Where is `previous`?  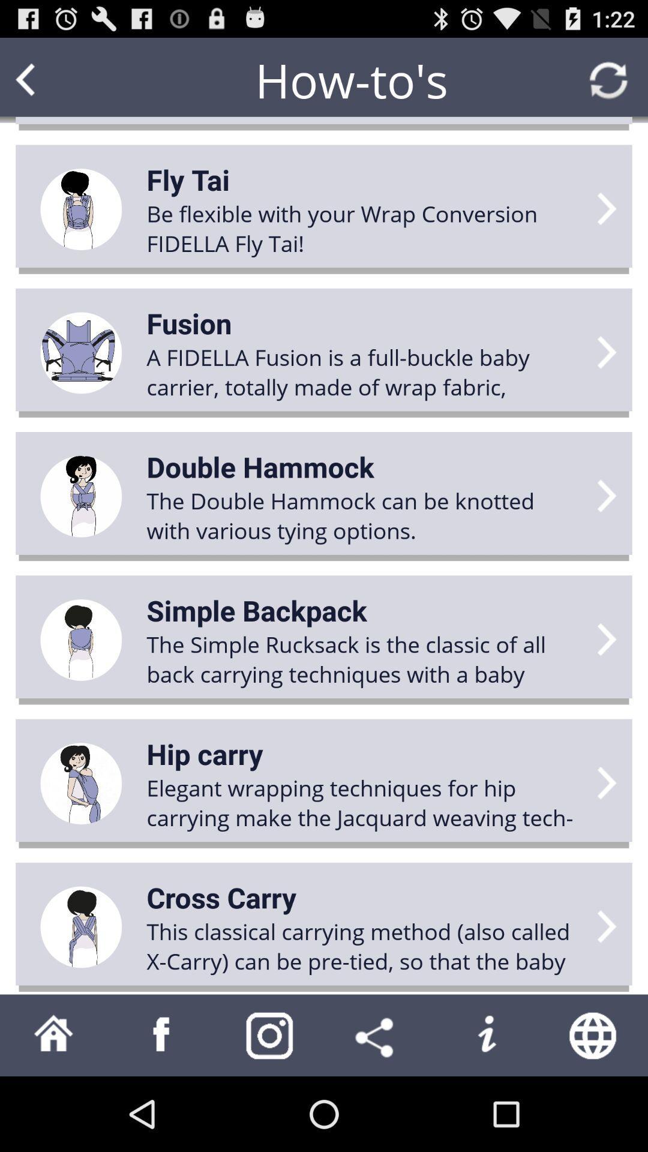
previous is located at coordinates (48, 79).